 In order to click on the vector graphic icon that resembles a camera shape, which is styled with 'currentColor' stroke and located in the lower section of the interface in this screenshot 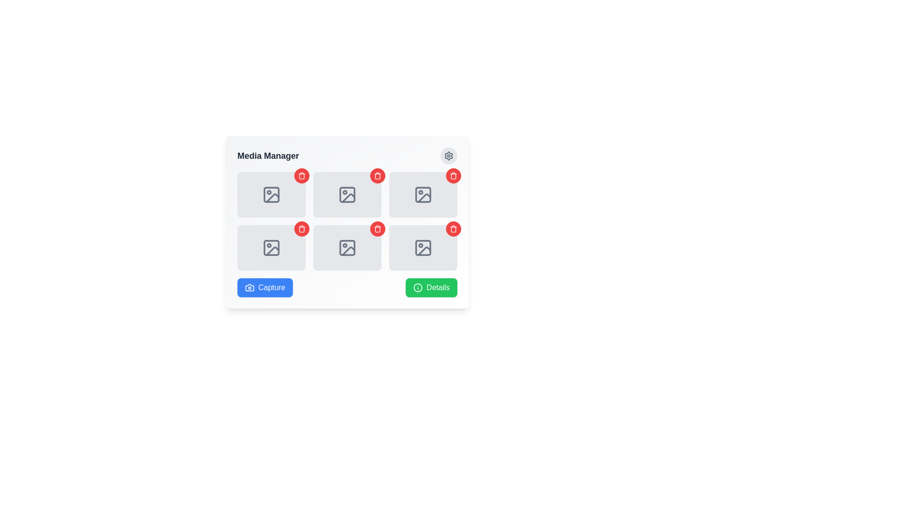, I will do `click(250, 287)`.